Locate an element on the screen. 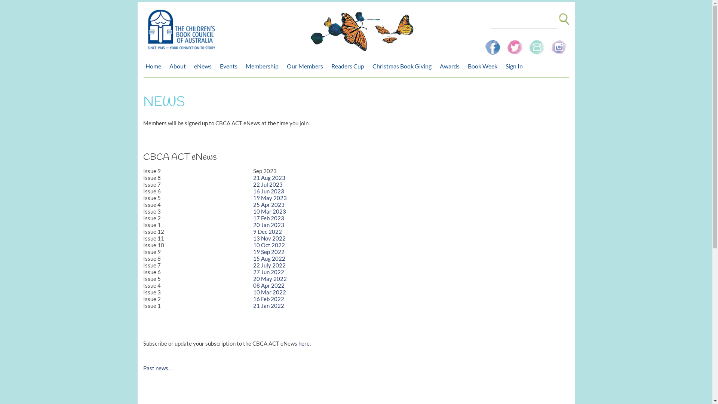 This screenshot has width=718, height=404. '21 Jan 2022' is located at coordinates (269, 306).